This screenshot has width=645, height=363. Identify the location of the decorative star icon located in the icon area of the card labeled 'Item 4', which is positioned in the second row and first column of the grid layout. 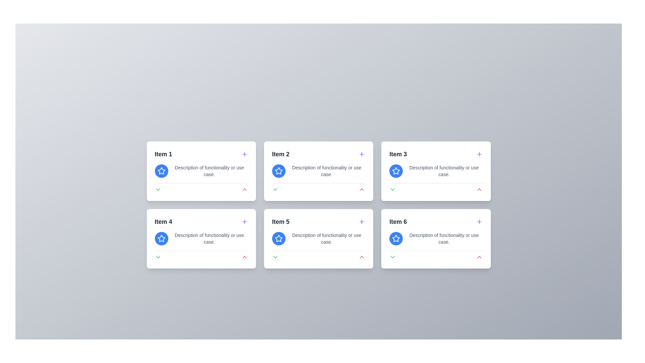
(161, 170).